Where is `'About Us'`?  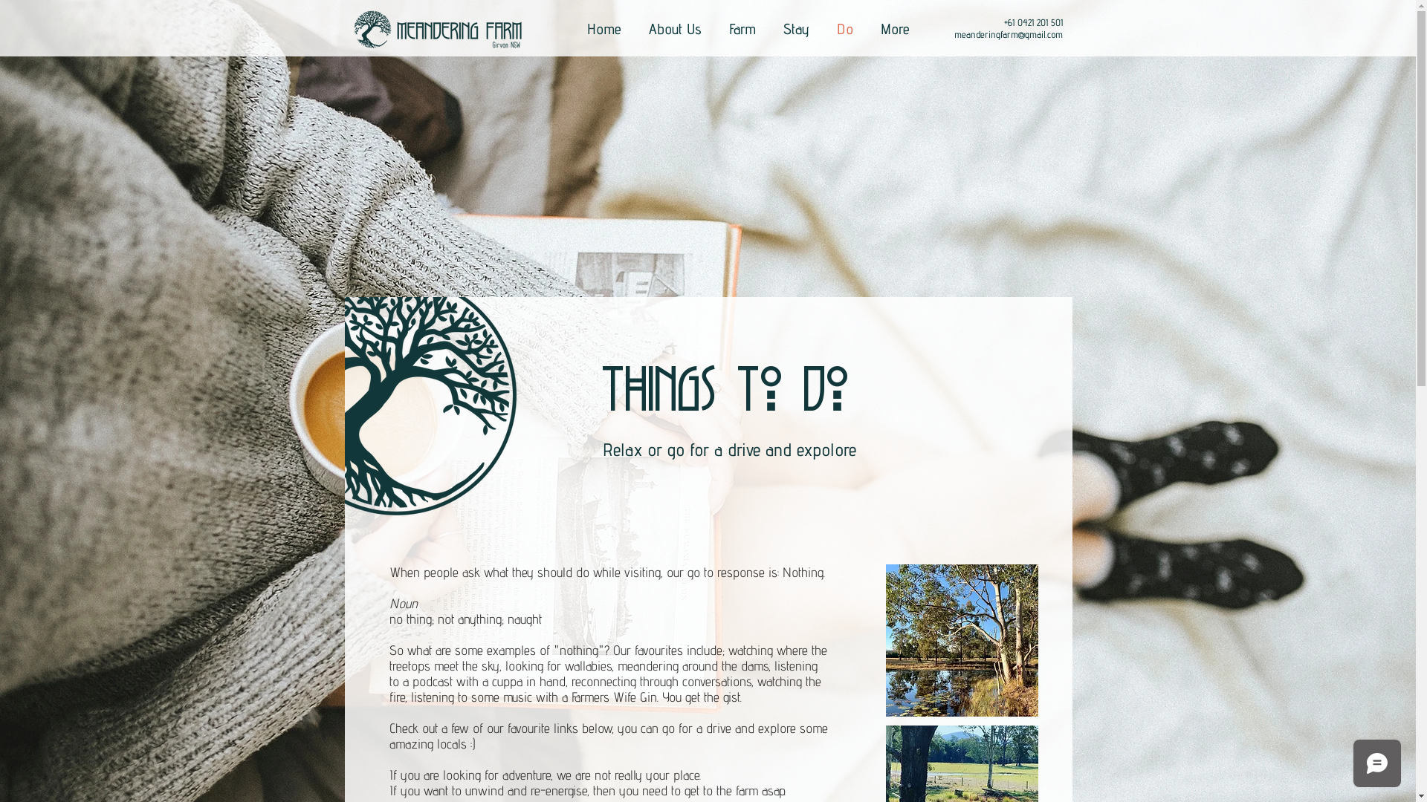
'About Us' is located at coordinates (673, 29).